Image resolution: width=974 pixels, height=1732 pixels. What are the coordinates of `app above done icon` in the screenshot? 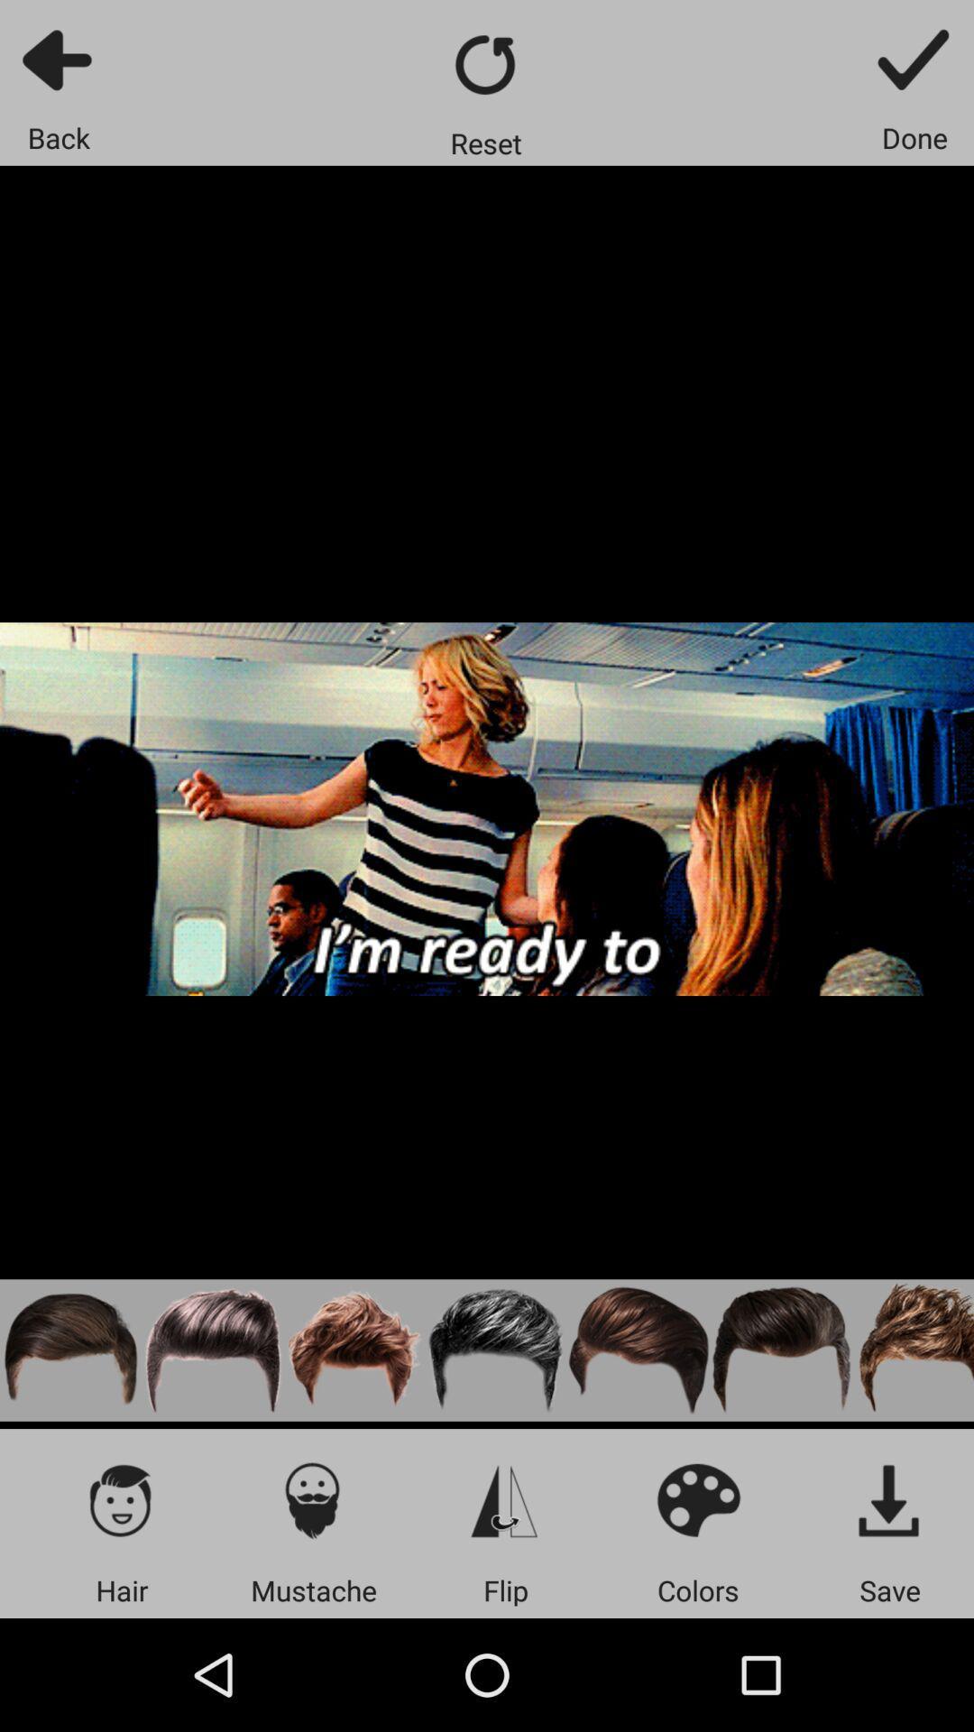 It's located at (914, 59).